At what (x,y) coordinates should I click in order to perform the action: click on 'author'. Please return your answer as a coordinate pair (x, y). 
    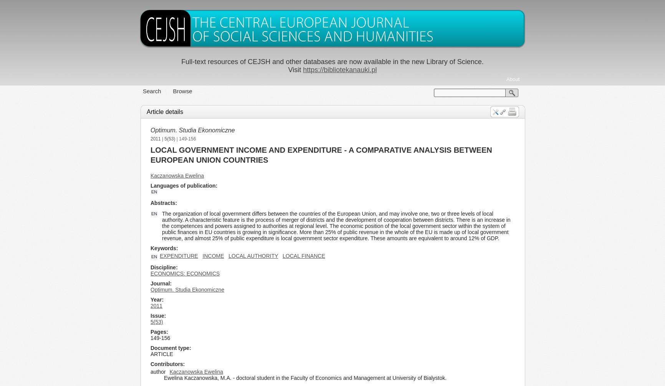
    Looking at the image, I should click on (157, 371).